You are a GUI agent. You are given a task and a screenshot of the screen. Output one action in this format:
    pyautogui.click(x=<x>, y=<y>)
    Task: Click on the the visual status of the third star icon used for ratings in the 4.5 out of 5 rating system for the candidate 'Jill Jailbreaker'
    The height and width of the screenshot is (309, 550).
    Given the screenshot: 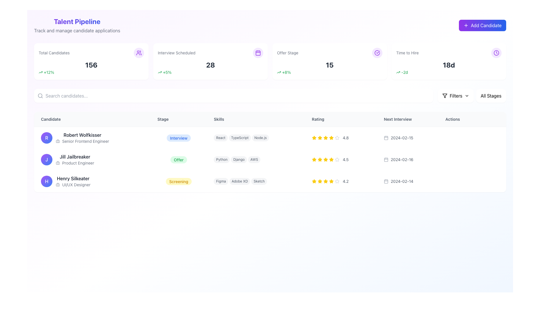 What is the action you would take?
    pyautogui.click(x=314, y=159)
    